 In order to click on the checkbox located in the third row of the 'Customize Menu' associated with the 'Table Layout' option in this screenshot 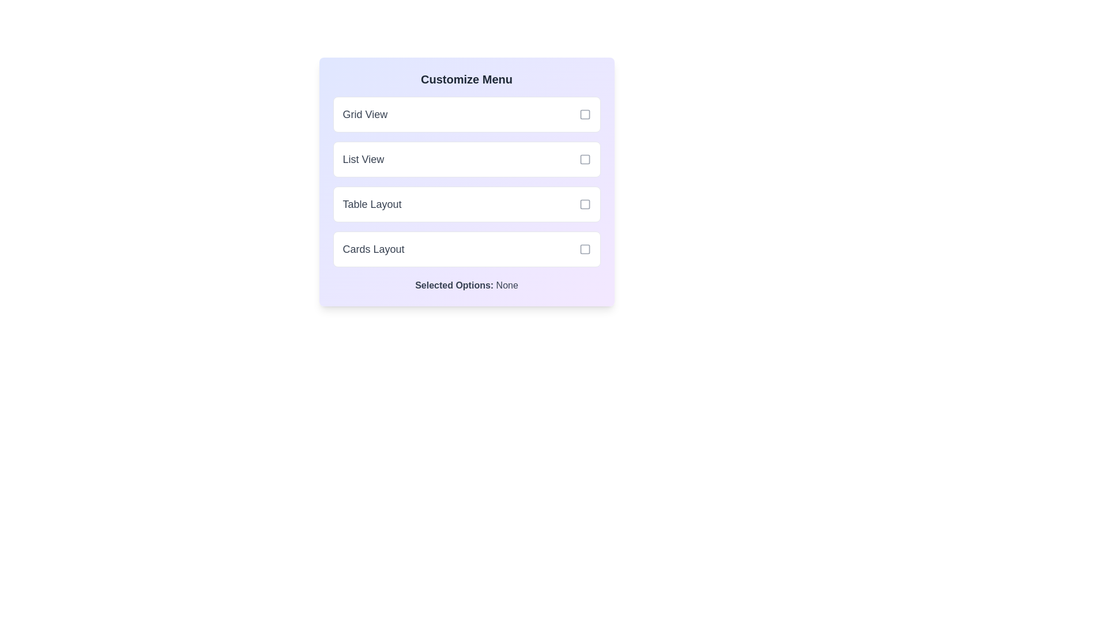, I will do `click(585, 203)`.